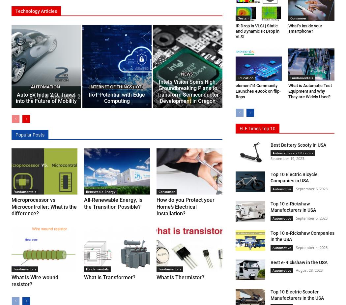 The width and height of the screenshot is (346, 305). Describe the element at coordinates (257, 128) in the screenshot. I see `'ELE Times Top 10'` at that location.